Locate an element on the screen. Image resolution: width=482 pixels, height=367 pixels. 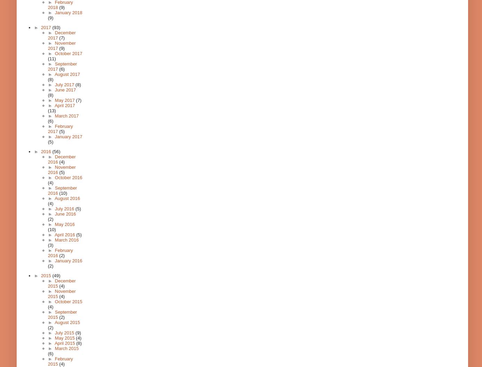
'December 2017' is located at coordinates (61, 35).